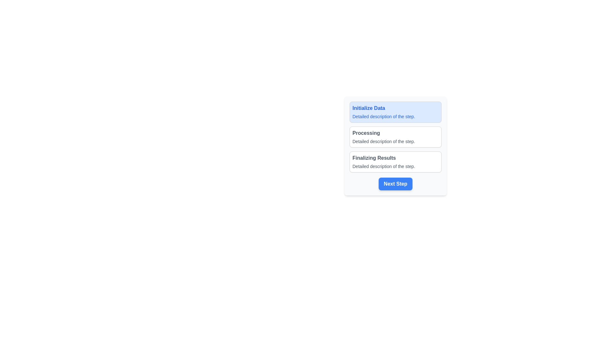 This screenshot has height=345, width=613. Describe the element at coordinates (395, 161) in the screenshot. I see `the informational block that indicates the current process step titled 'Finalizing Results' in the multi-step process interface` at that location.